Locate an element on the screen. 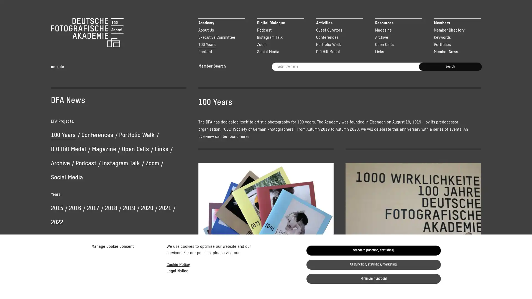 The image size is (532, 299). 2021 is located at coordinates (165, 208).